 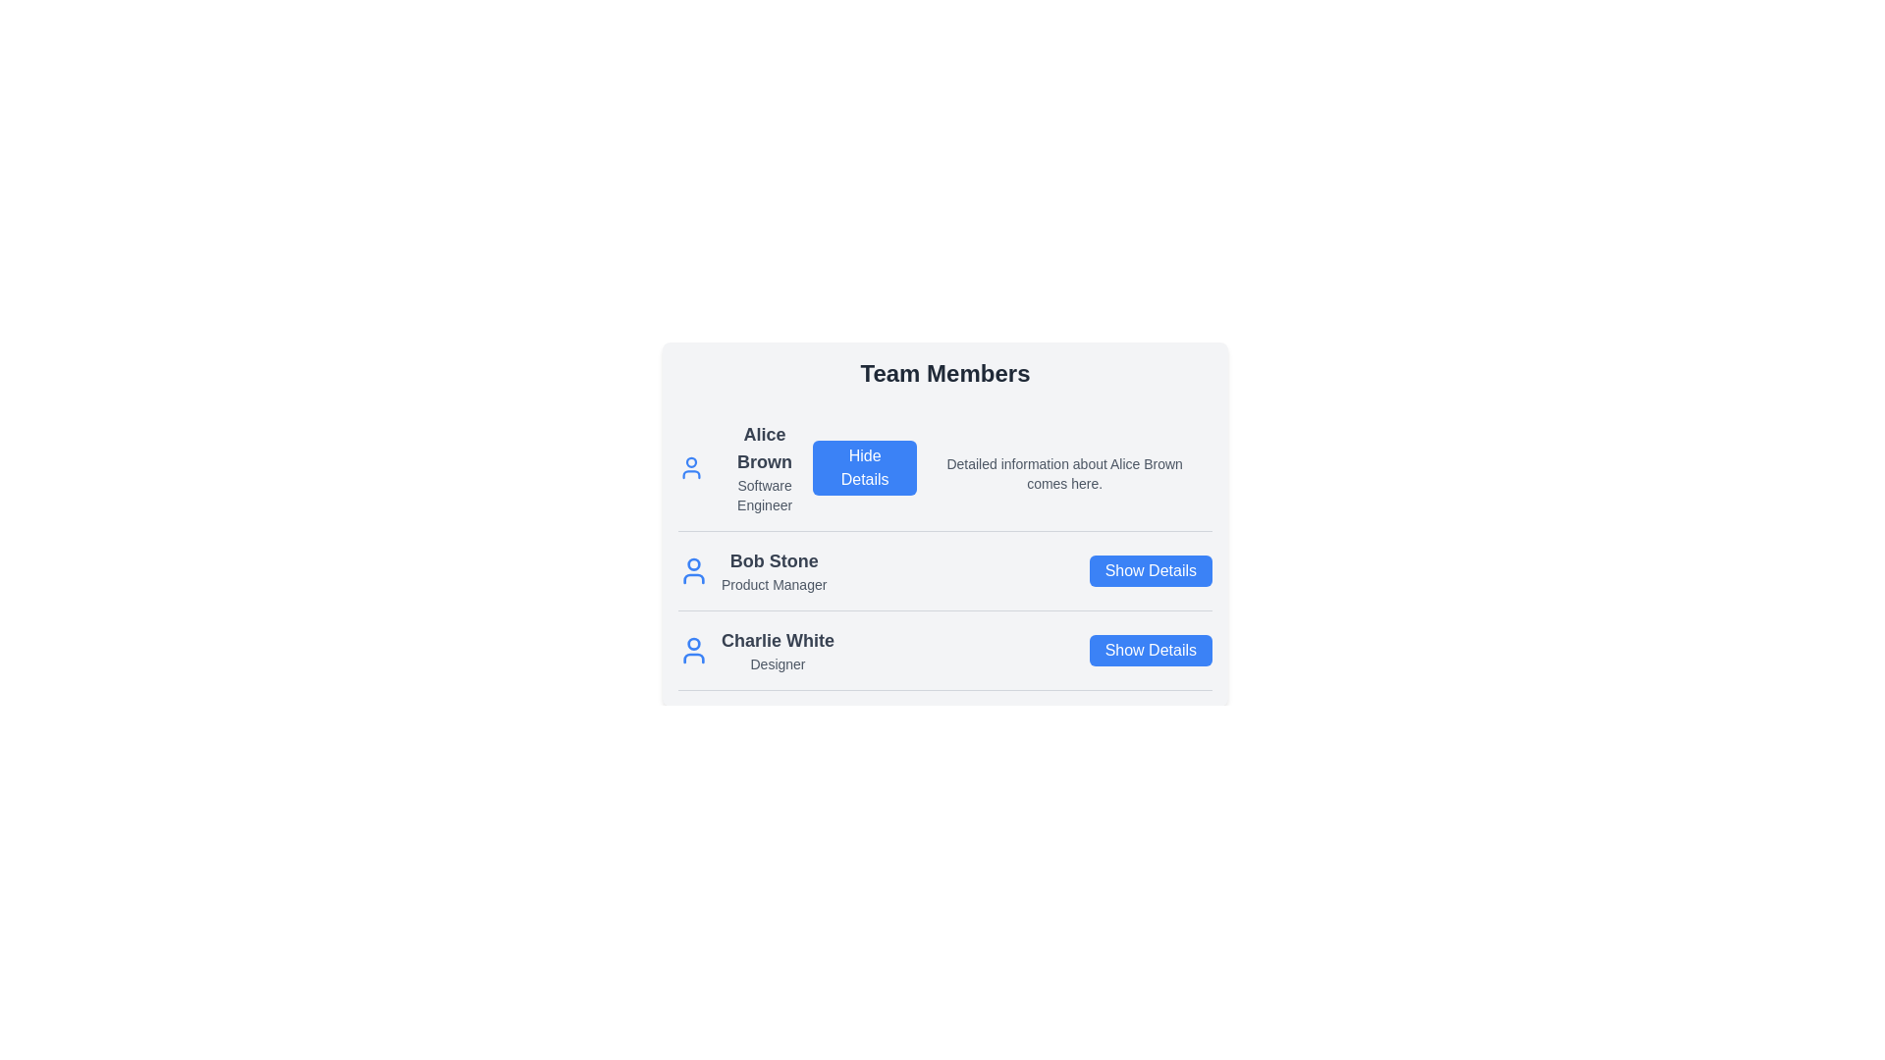 What do you see at coordinates (1150, 571) in the screenshot?
I see `the button corresponding to Bob Stone to toggle the visibility of their details` at bounding box center [1150, 571].